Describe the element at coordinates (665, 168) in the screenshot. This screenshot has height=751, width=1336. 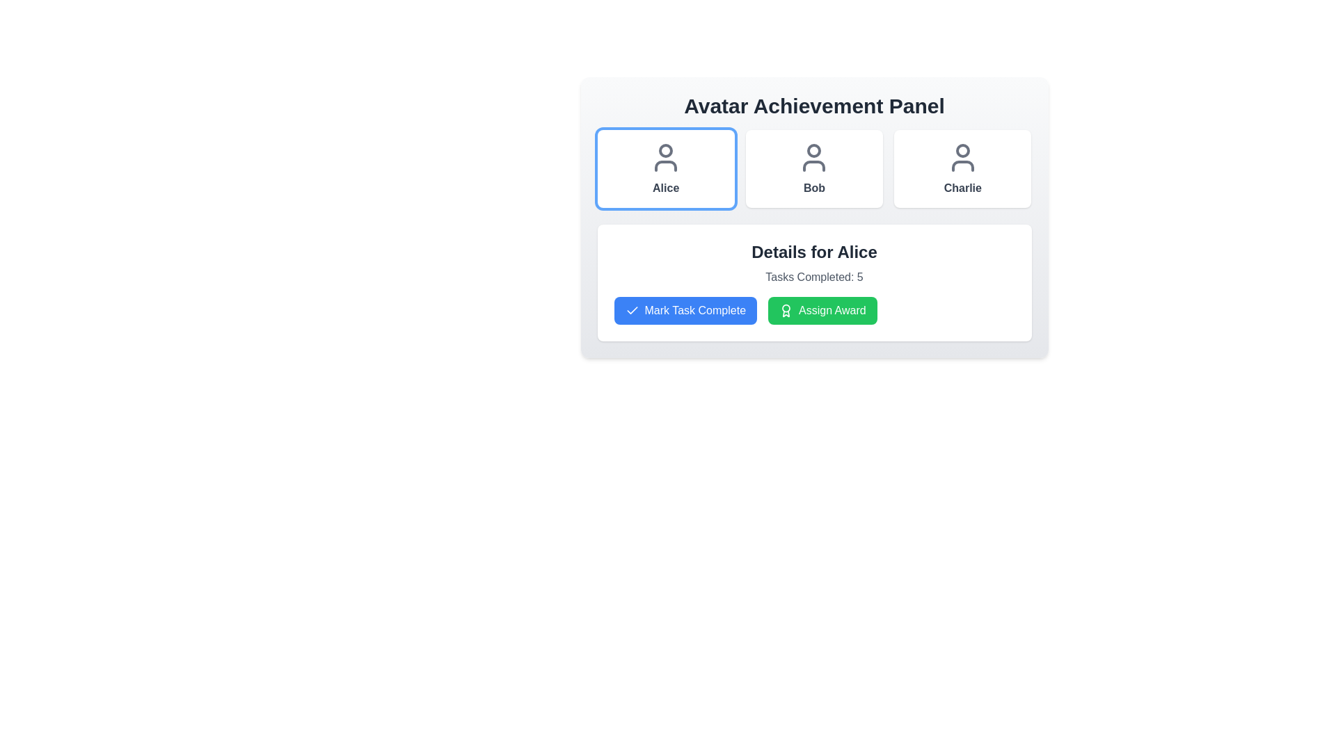
I see `the user card displaying 'Alice', which has a white background, rounded edges, and a shadow effect, positioned in the top-left corner of the grid layout` at that location.